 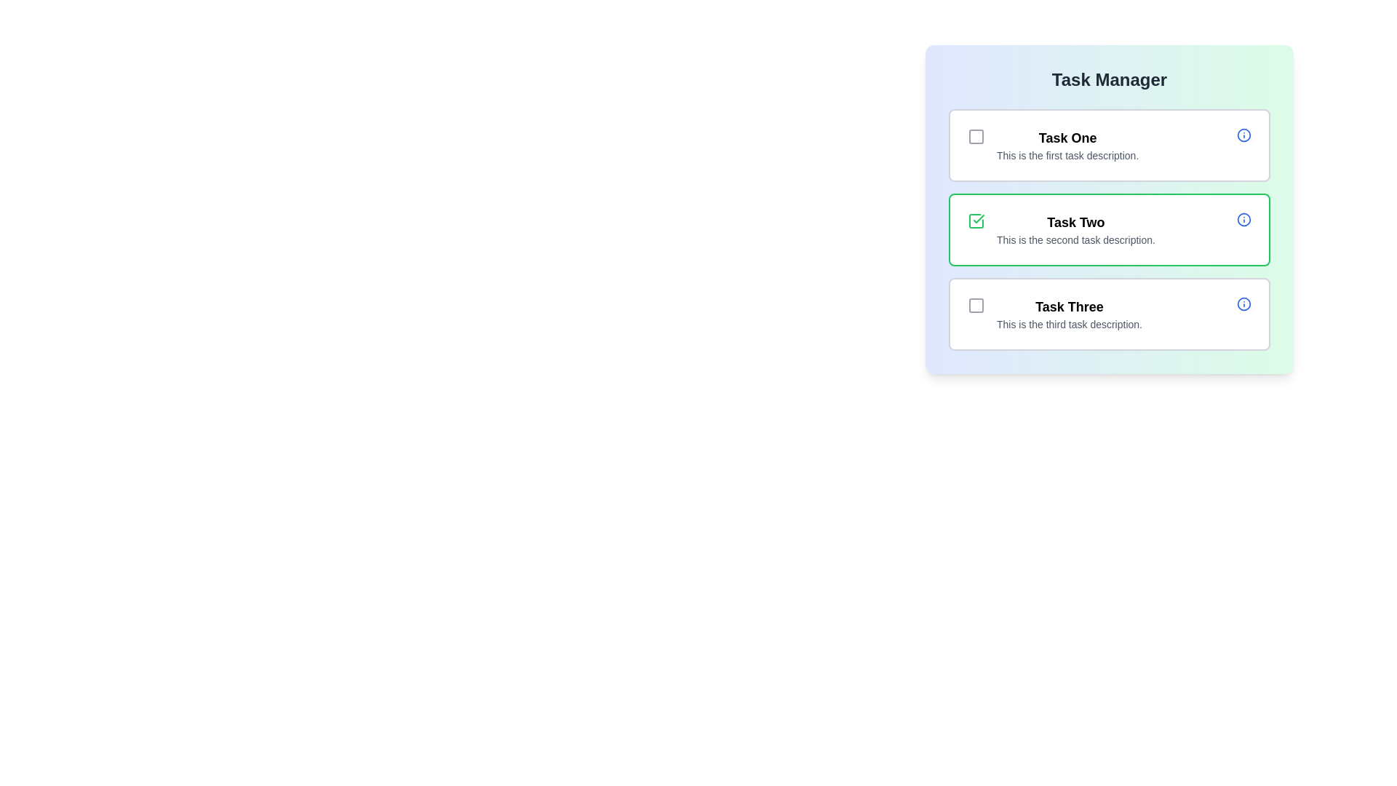 I want to click on the second task item in the Task Manager to mark it as completed, so click(x=1109, y=229).